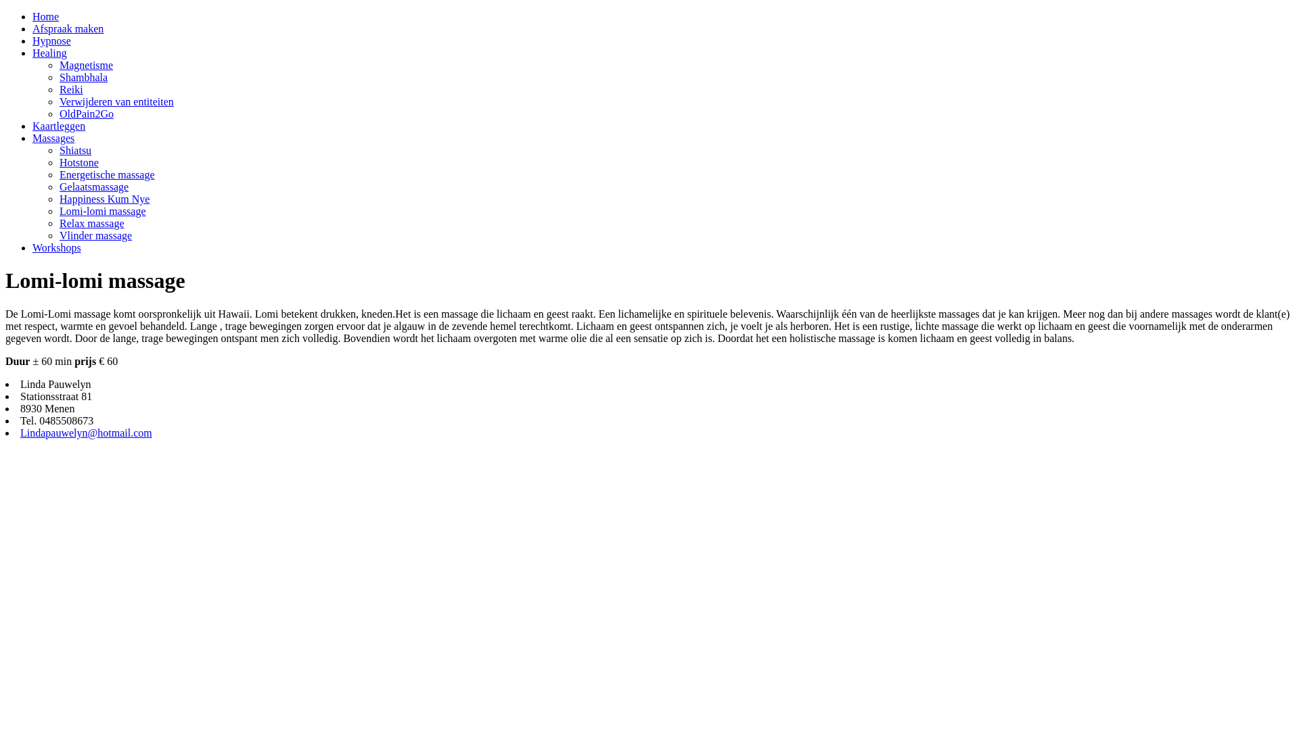 This screenshot has width=1299, height=730. What do you see at coordinates (58, 126) in the screenshot?
I see `'Kaartleggen'` at bounding box center [58, 126].